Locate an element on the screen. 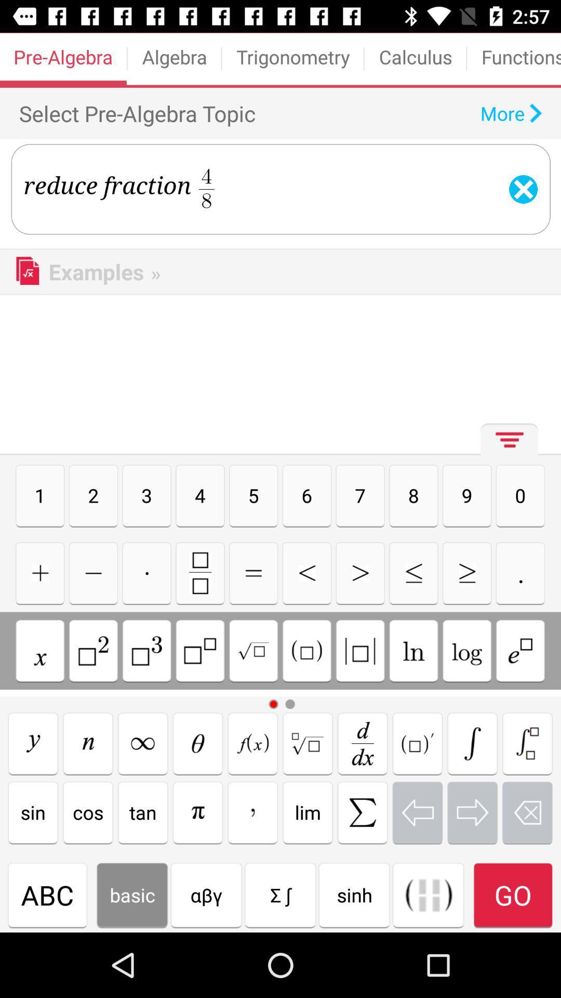 The height and width of the screenshot is (998, 561). the add icon is located at coordinates (39, 572).